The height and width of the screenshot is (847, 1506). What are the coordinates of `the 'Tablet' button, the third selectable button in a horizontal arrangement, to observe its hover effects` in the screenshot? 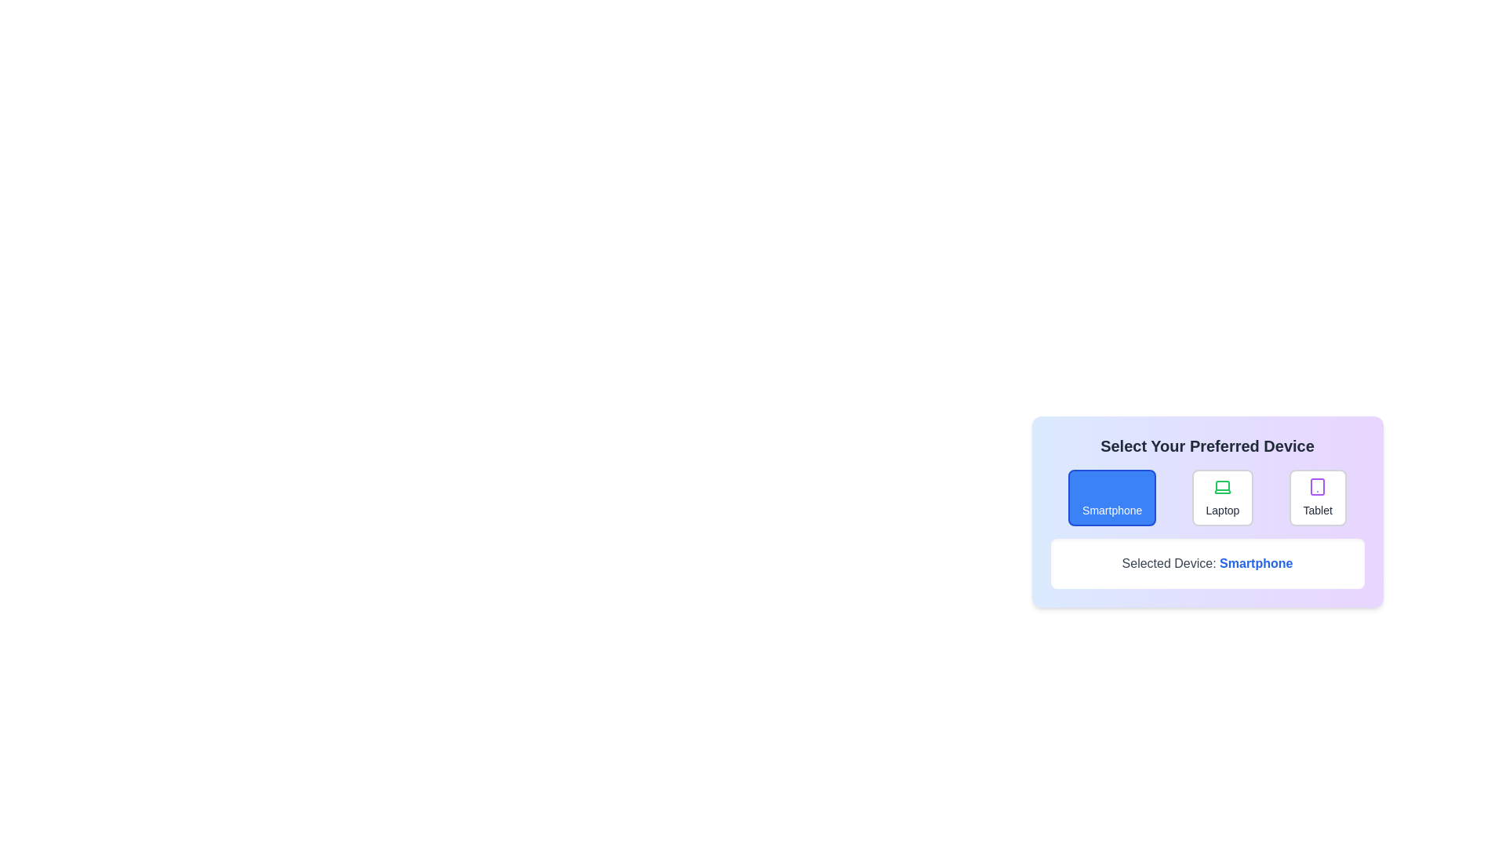 It's located at (1318, 498).